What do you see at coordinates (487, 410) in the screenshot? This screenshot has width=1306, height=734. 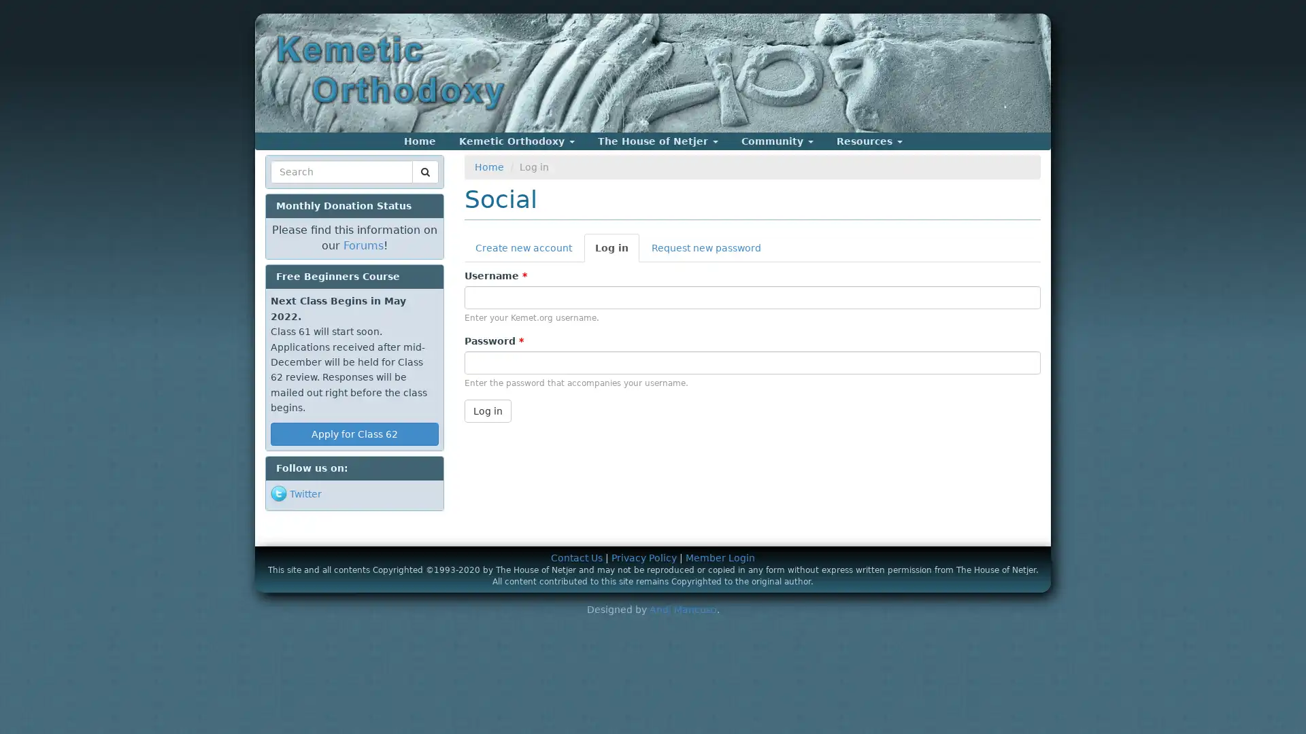 I see `Log in` at bounding box center [487, 410].